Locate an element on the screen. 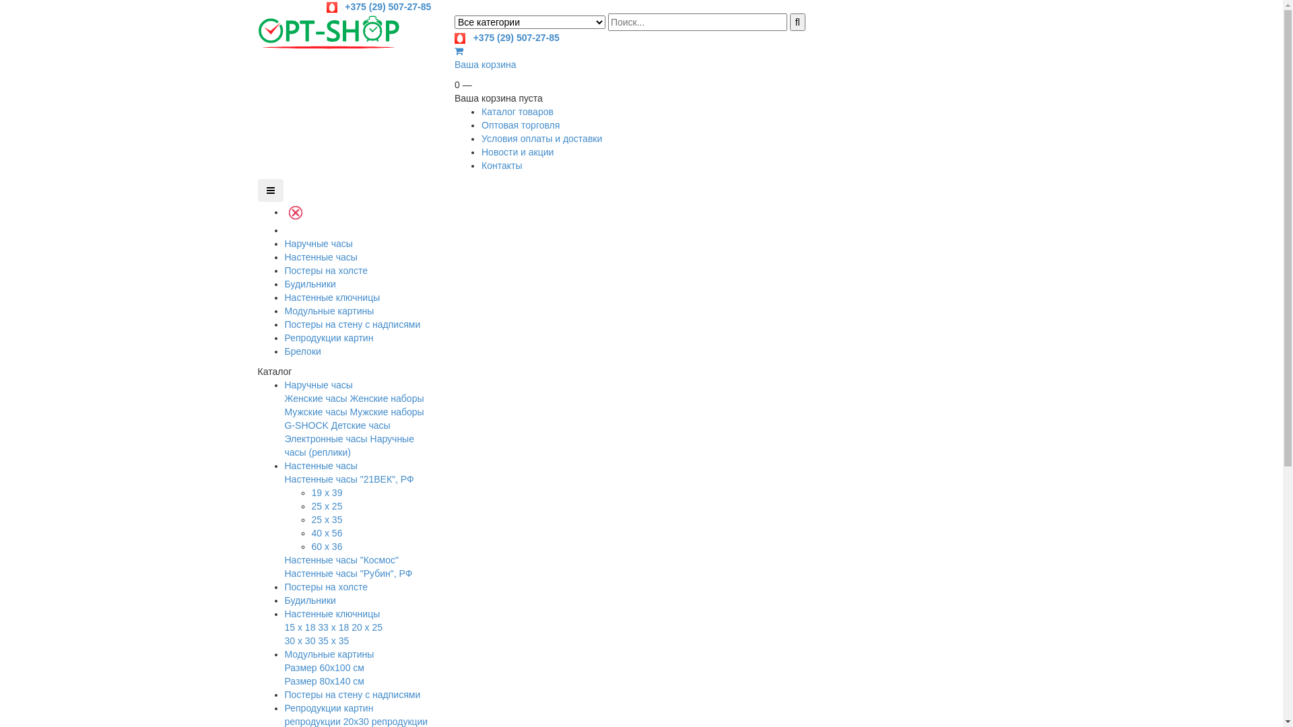 The width and height of the screenshot is (1293, 727). 'G-SHOCK' is located at coordinates (305, 425).